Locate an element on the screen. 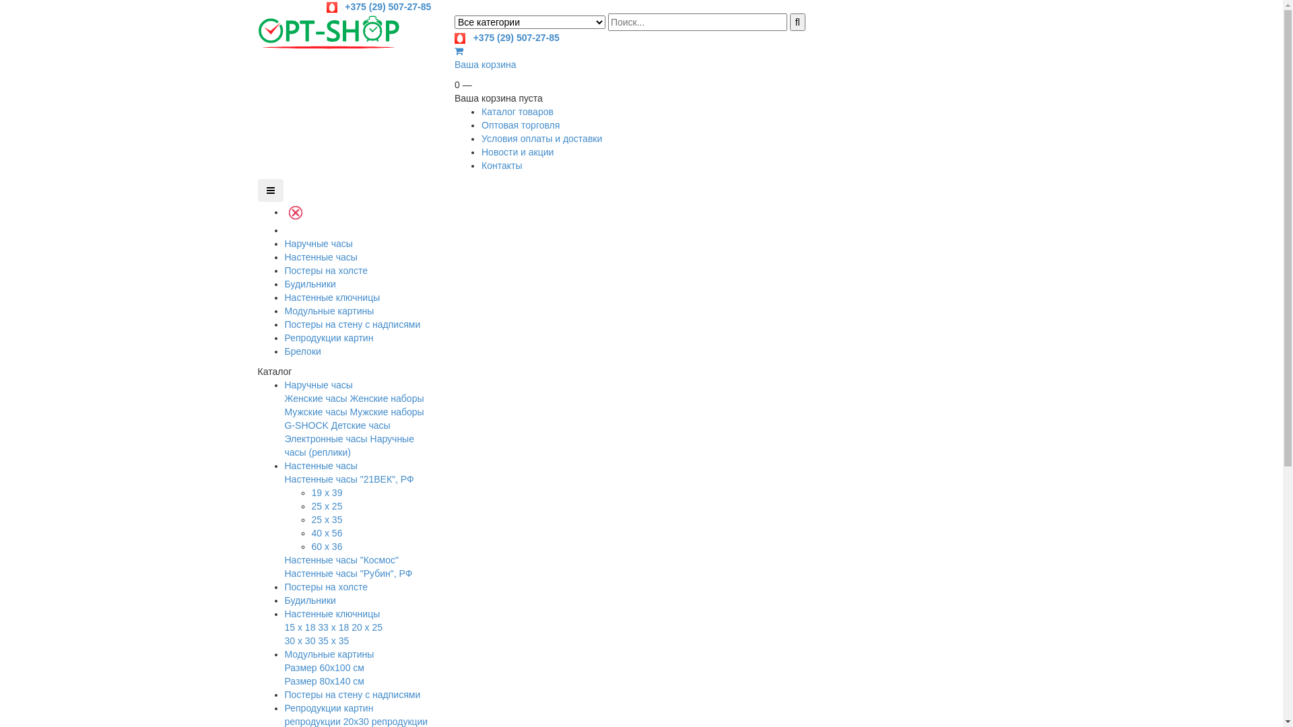 The width and height of the screenshot is (1293, 727). 'G-SHOCK' is located at coordinates (305, 425).